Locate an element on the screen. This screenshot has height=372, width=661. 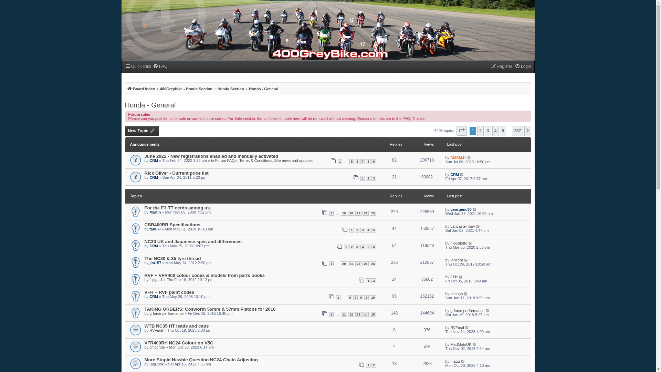
'257' is located at coordinates (512, 131).